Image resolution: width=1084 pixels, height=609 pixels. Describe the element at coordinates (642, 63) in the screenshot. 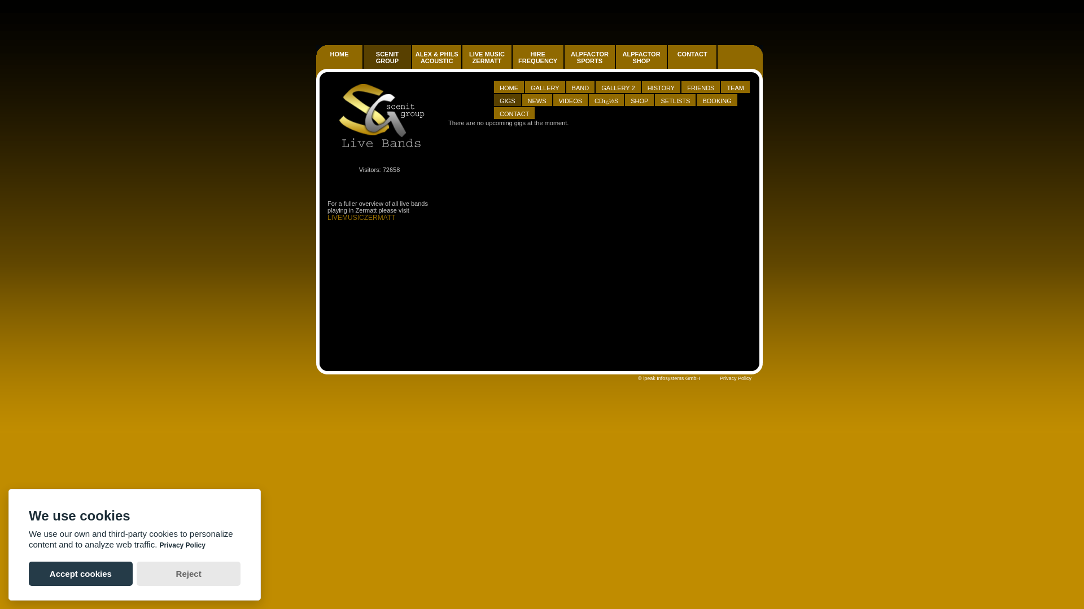

I see `'ALPFACTOR` at that location.